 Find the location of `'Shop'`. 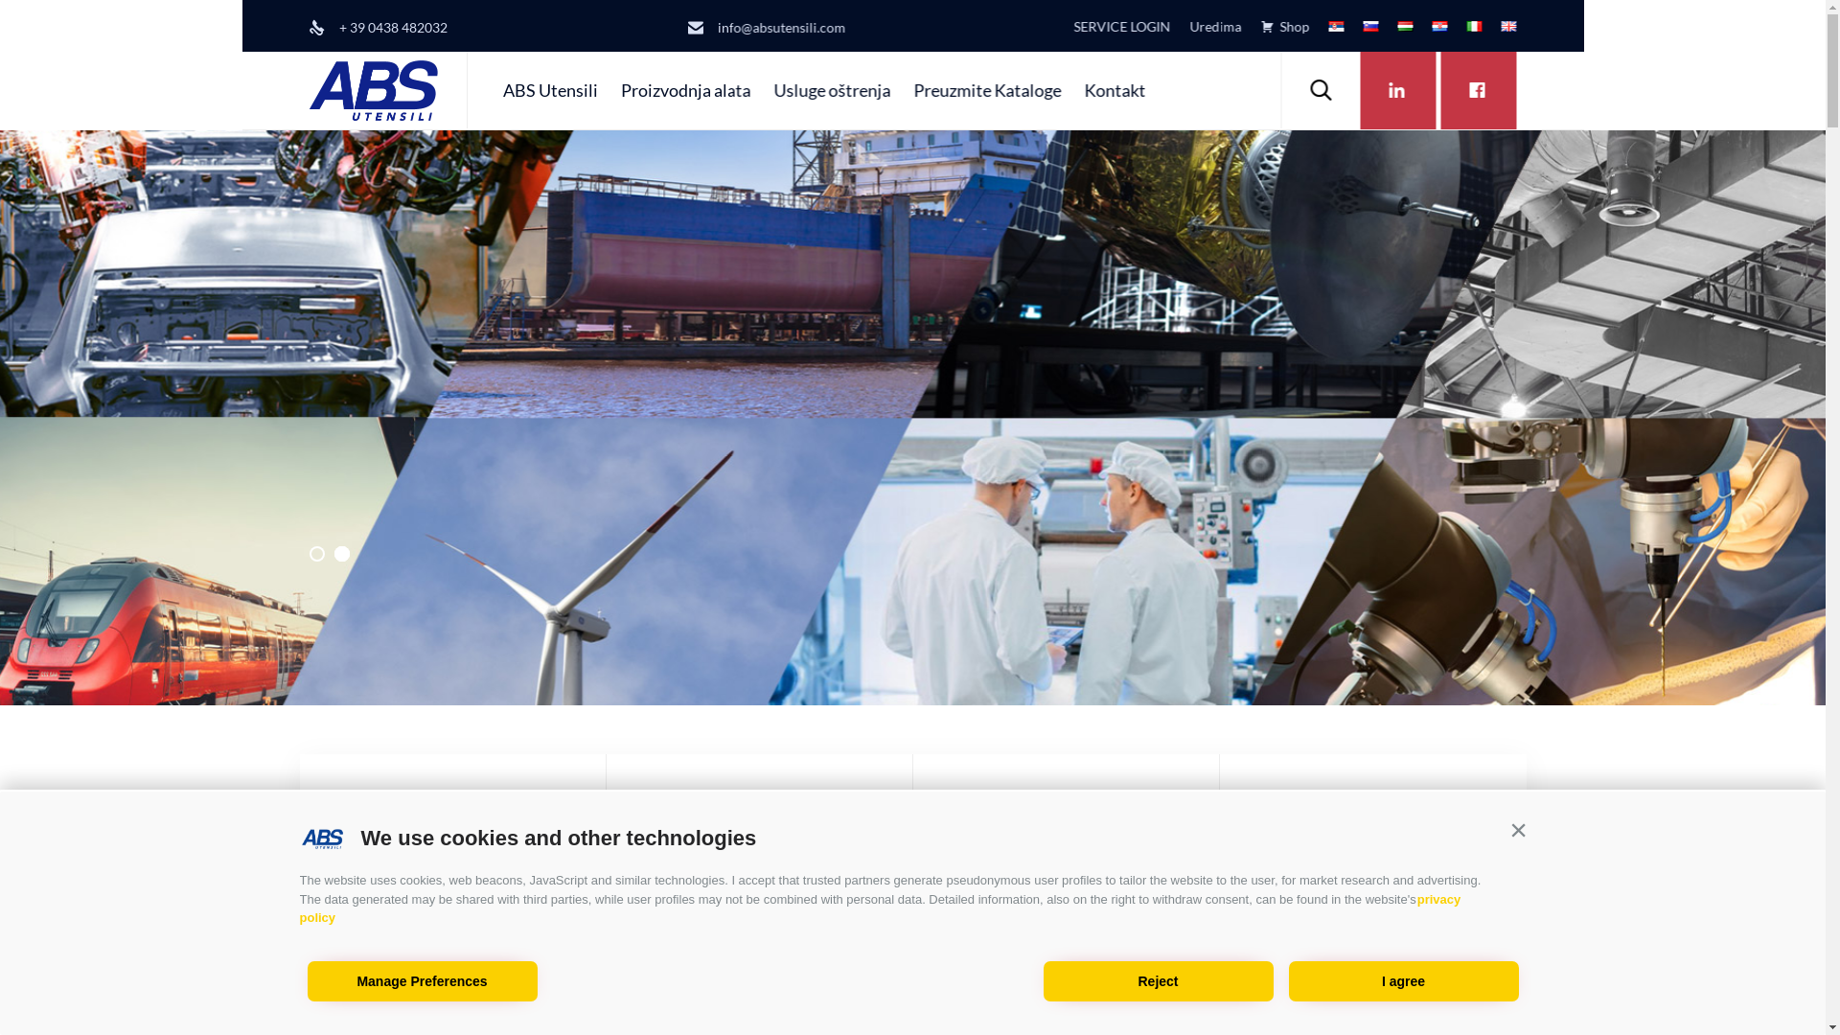

'Shop' is located at coordinates (1242, 26).